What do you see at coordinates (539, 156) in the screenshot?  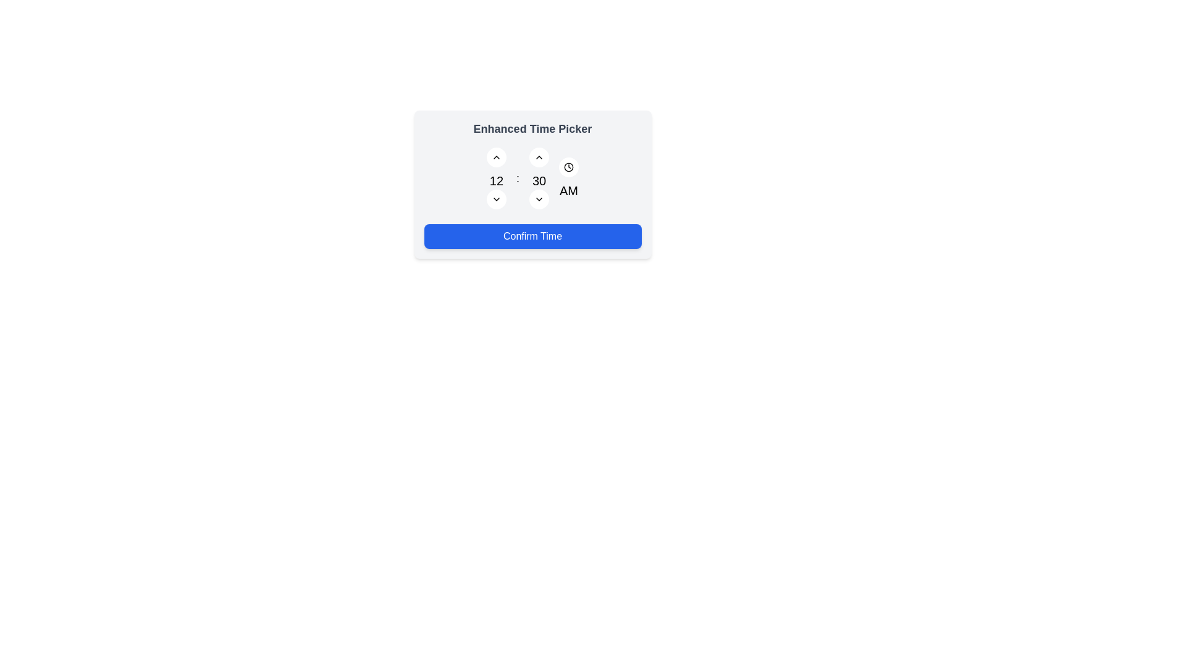 I see `the chevron-up icon within the circular white button located on the top button of the hour adjustment controls in the 'Enhanced Time Picker' card` at bounding box center [539, 156].